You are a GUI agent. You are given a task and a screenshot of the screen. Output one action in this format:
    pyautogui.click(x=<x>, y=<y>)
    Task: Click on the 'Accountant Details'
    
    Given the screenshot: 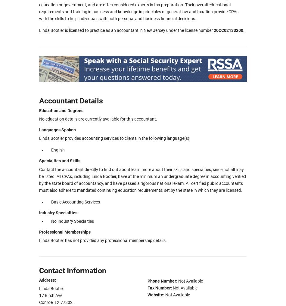 What is the action you would take?
    pyautogui.click(x=71, y=100)
    